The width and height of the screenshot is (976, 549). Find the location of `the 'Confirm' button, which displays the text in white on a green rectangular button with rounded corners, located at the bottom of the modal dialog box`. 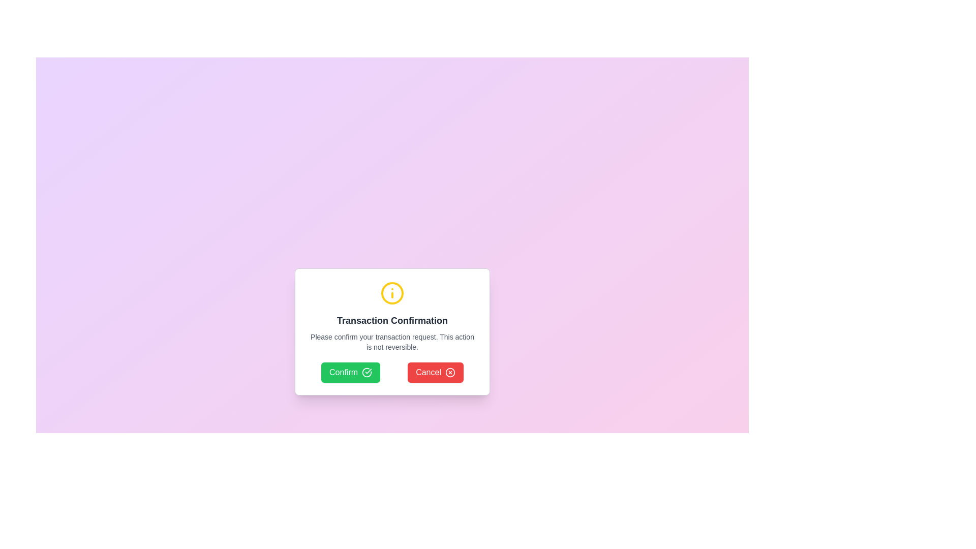

the 'Confirm' button, which displays the text in white on a green rectangular button with rounded corners, located at the bottom of the modal dialog box is located at coordinates (344, 372).